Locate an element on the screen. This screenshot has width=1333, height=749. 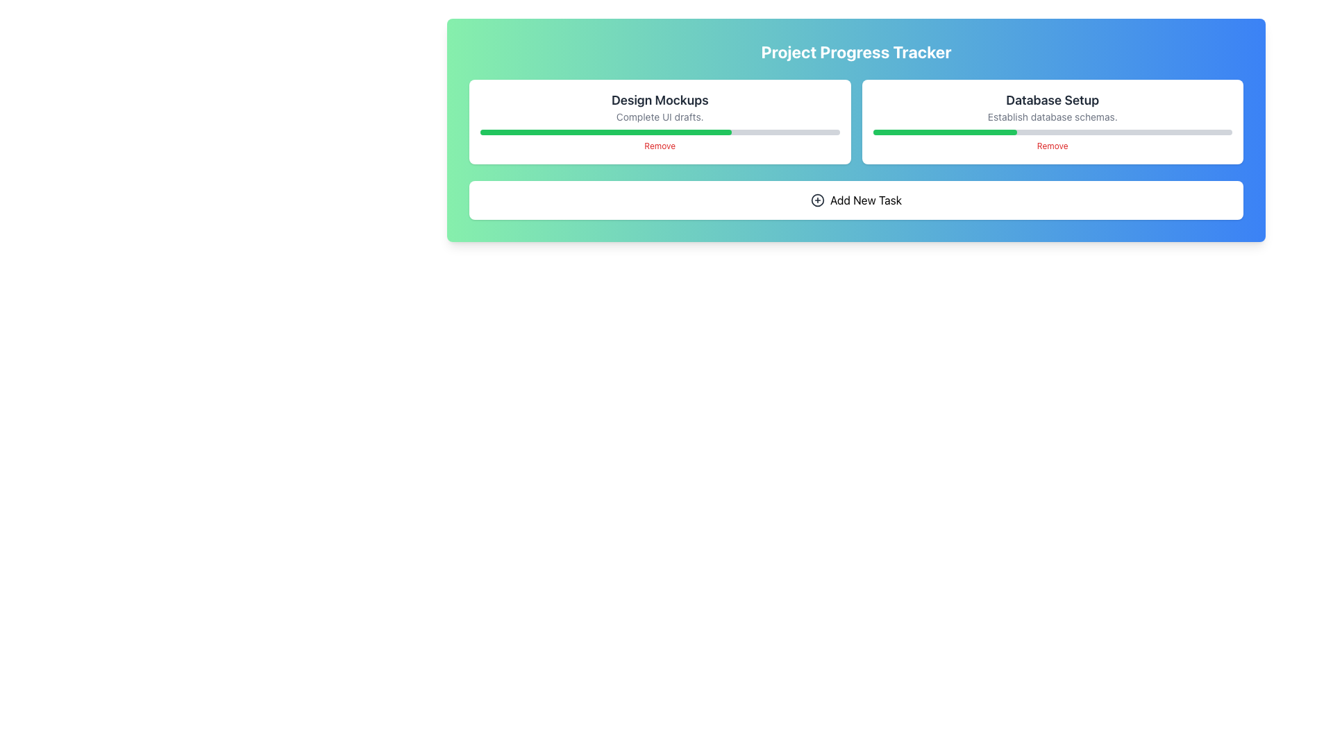
the progress bar that visually represents the completion progress of the database setup task, located under the sub-heading 'Establish database schemas.' is located at coordinates (1053, 132).